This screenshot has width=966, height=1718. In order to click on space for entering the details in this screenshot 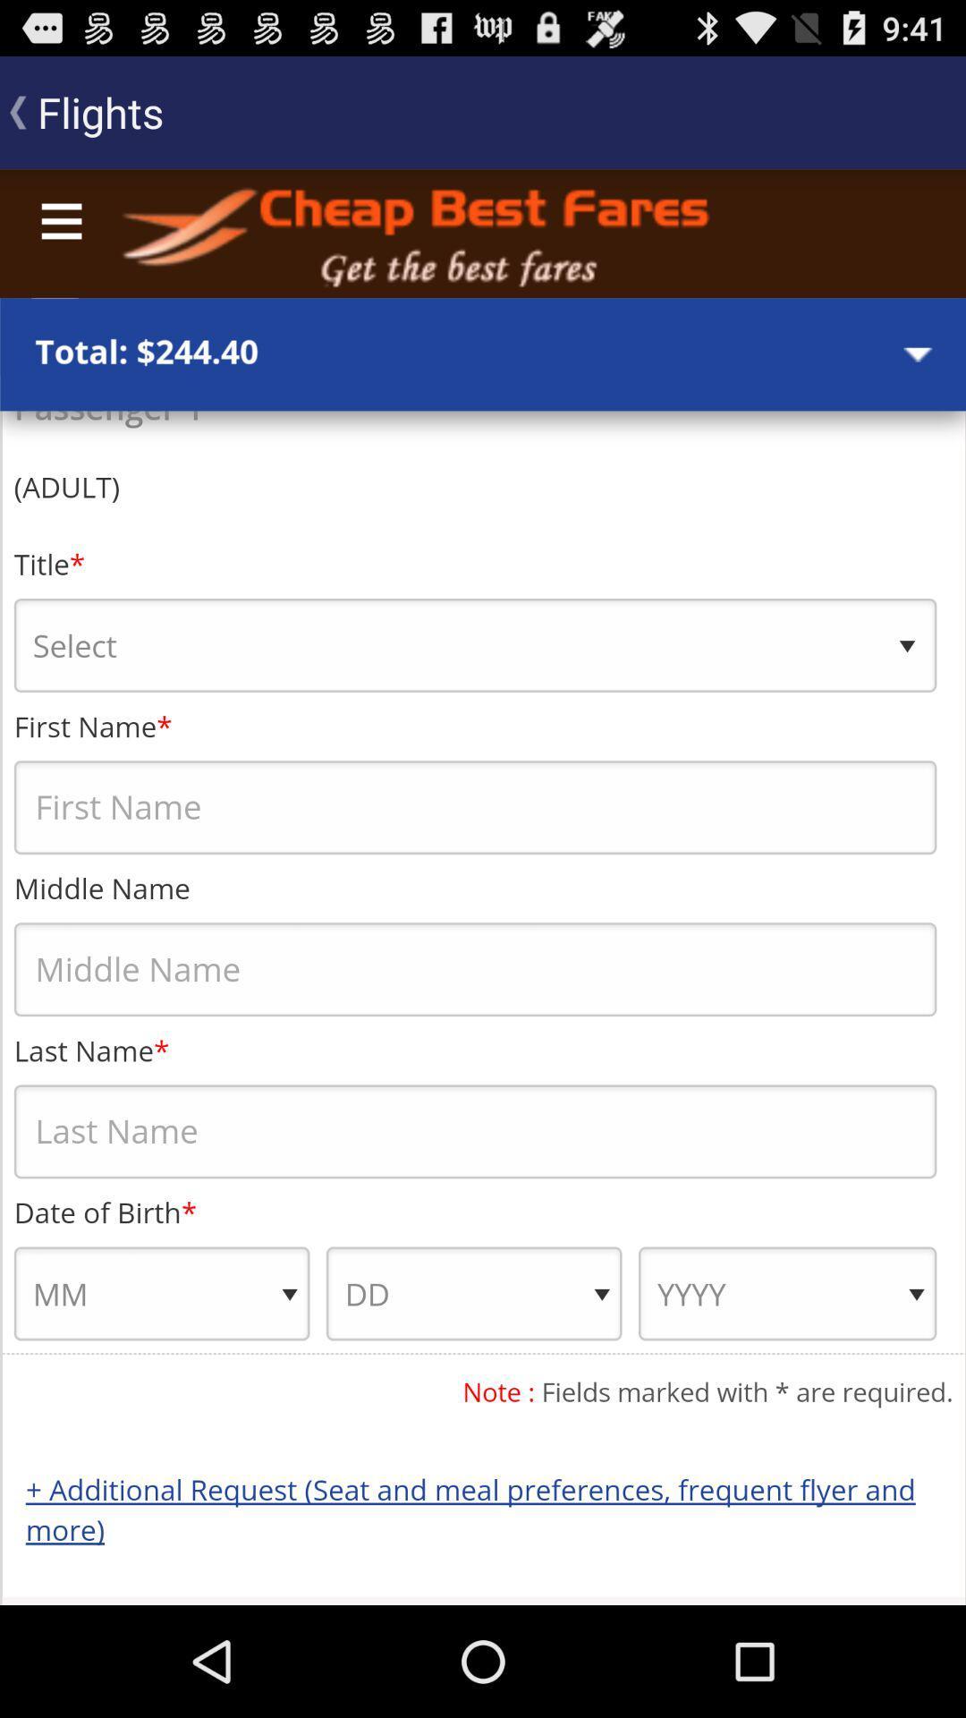, I will do `click(483, 887)`.